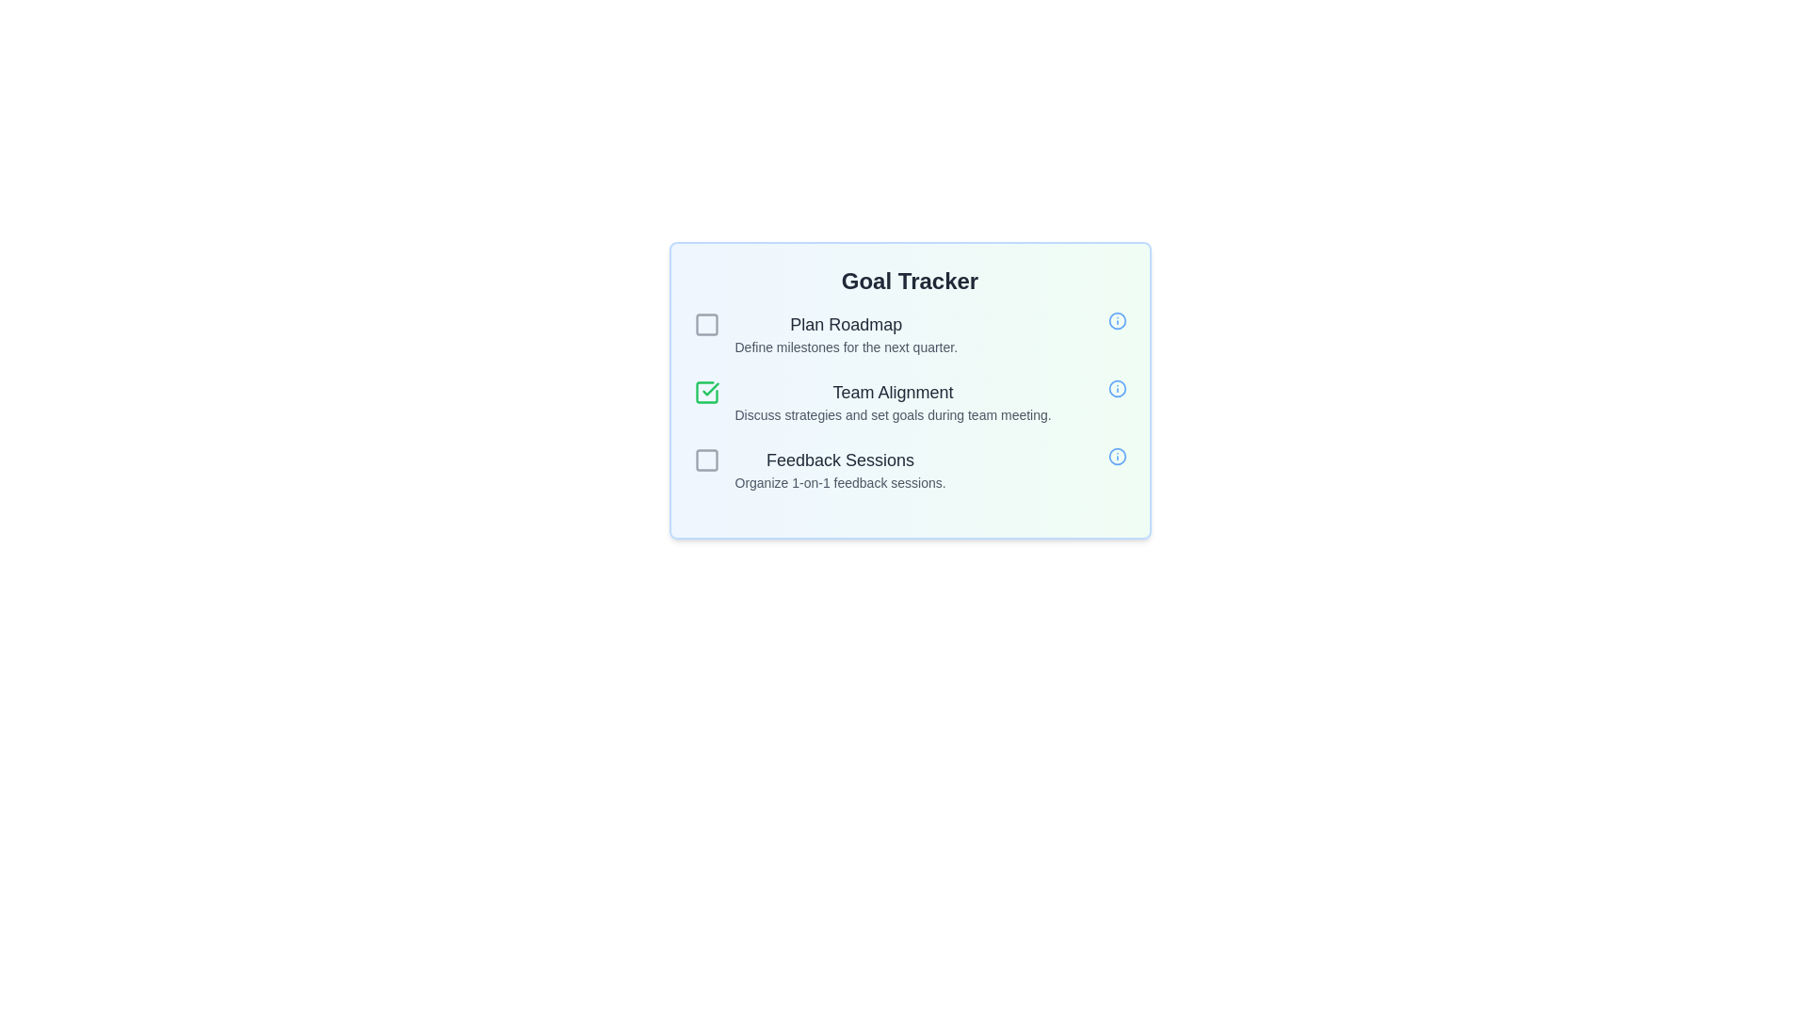  What do you see at coordinates (1117, 387) in the screenshot?
I see `the small circular information icon with a blue outline located on the far-right side of the 'Team Alignment' task row` at bounding box center [1117, 387].